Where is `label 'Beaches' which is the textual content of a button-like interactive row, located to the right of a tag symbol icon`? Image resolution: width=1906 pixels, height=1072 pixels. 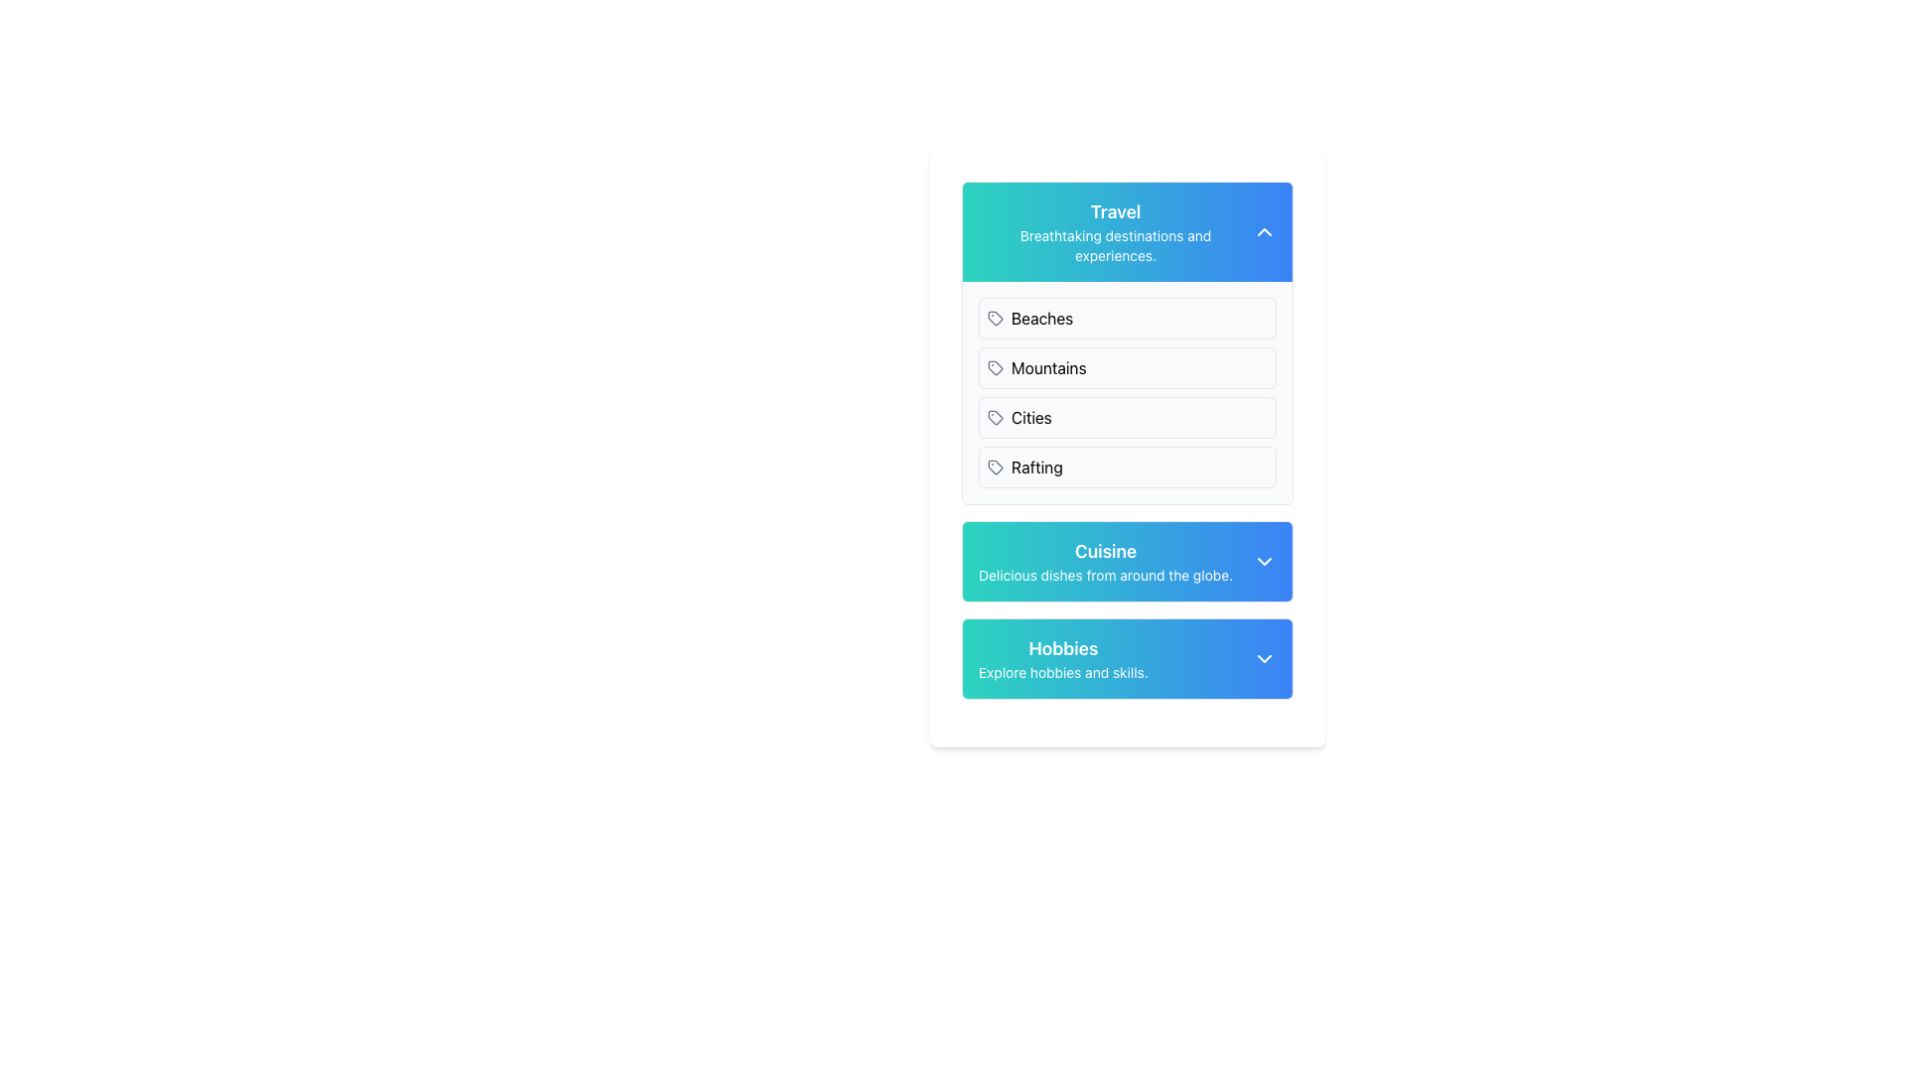 label 'Beaches' which is the textual content of a button-like interactive row, located to the right of a tag symbol icon is located at coordinates (1041, 317).